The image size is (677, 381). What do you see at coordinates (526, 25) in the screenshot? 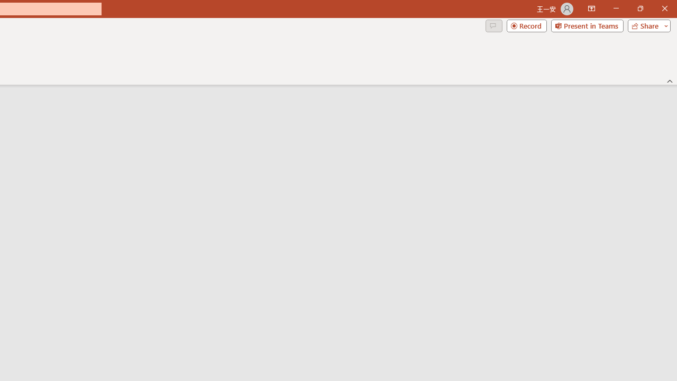
I see `'Record'` at bounding box center [526, 25].